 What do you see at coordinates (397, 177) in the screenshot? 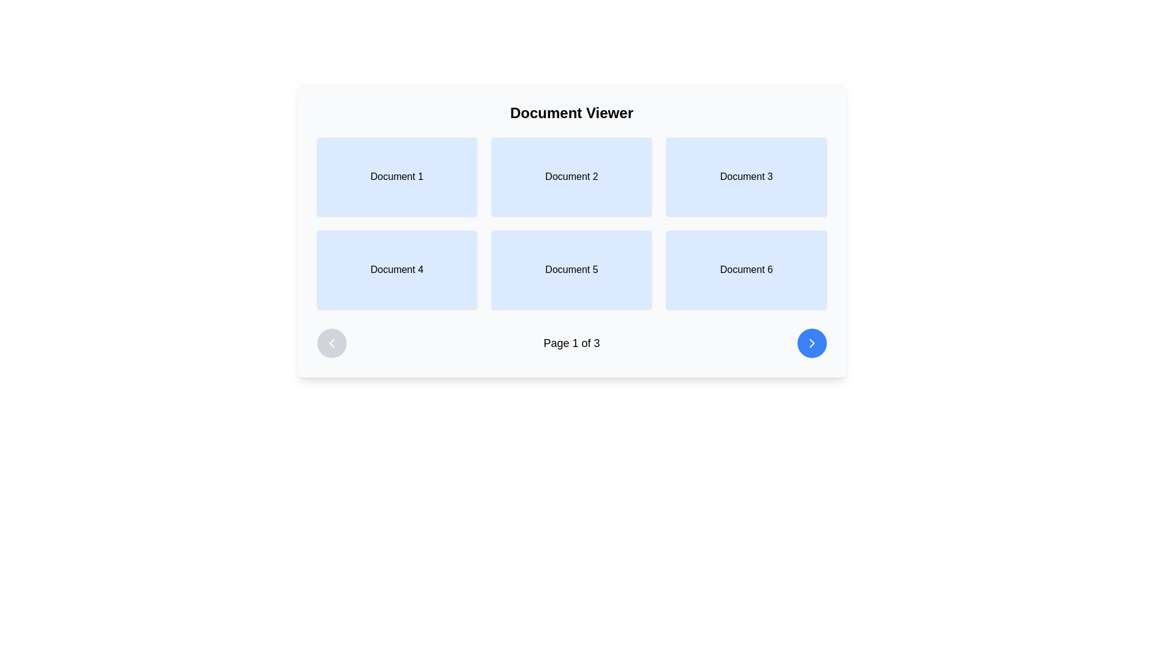
I see `the 'Document 1' card, which is a rectangular card with rounded corners and a light blue background, located in the top-left corner of the grid layout` at bounding box center [397, 177].